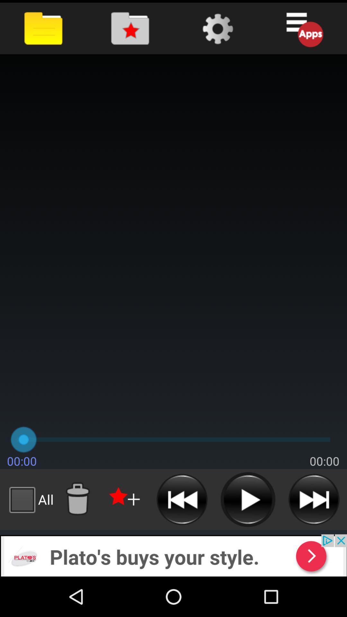  What do you see at coordinates (125, 499) in the screenshot?
I see `to favorites` at bounding box center [125, 499].